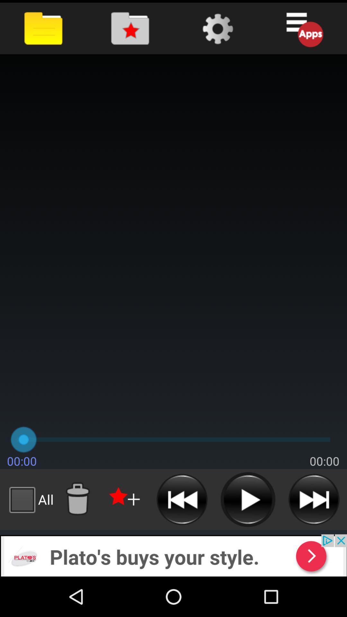  What do you see at coordinates (125, 499) in the screenshot?
I see `to favorites` at bounding box center [125, 499].